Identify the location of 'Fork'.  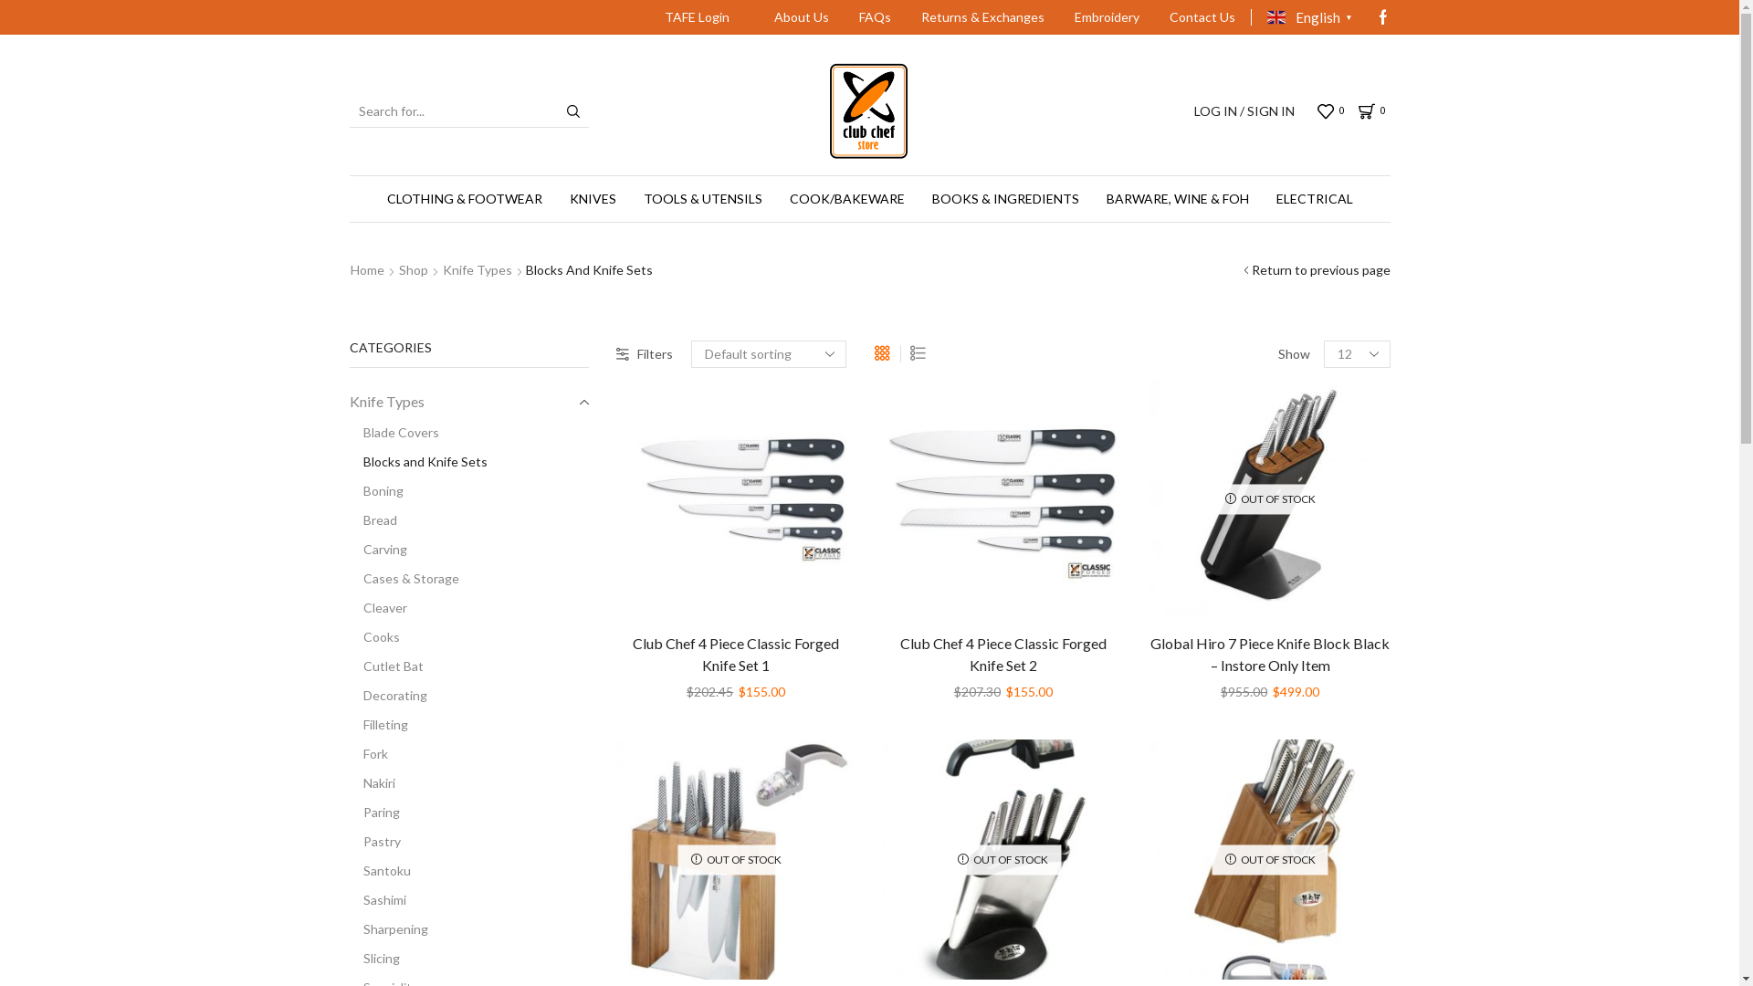
(367, 753).